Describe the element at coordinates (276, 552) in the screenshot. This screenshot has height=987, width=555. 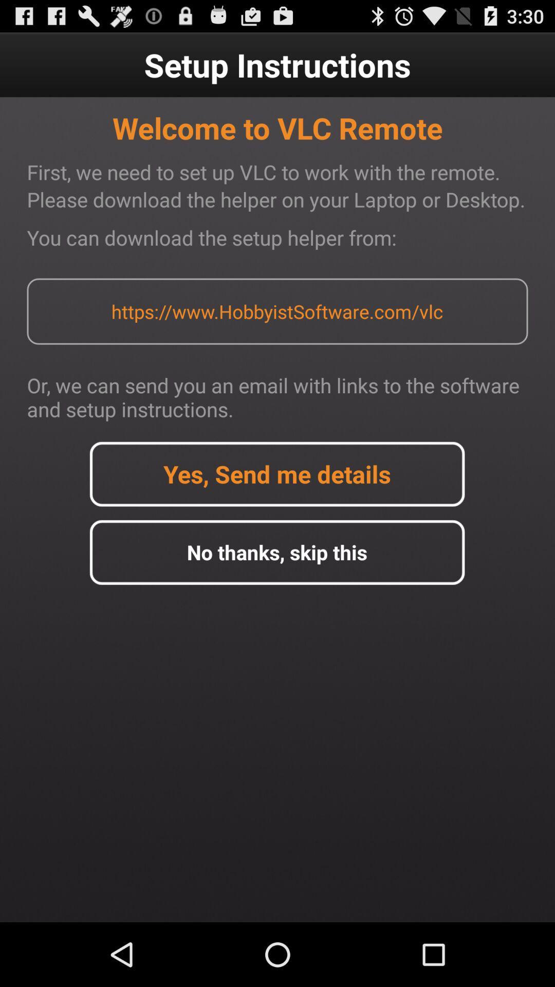
I see `skip button` at that location.